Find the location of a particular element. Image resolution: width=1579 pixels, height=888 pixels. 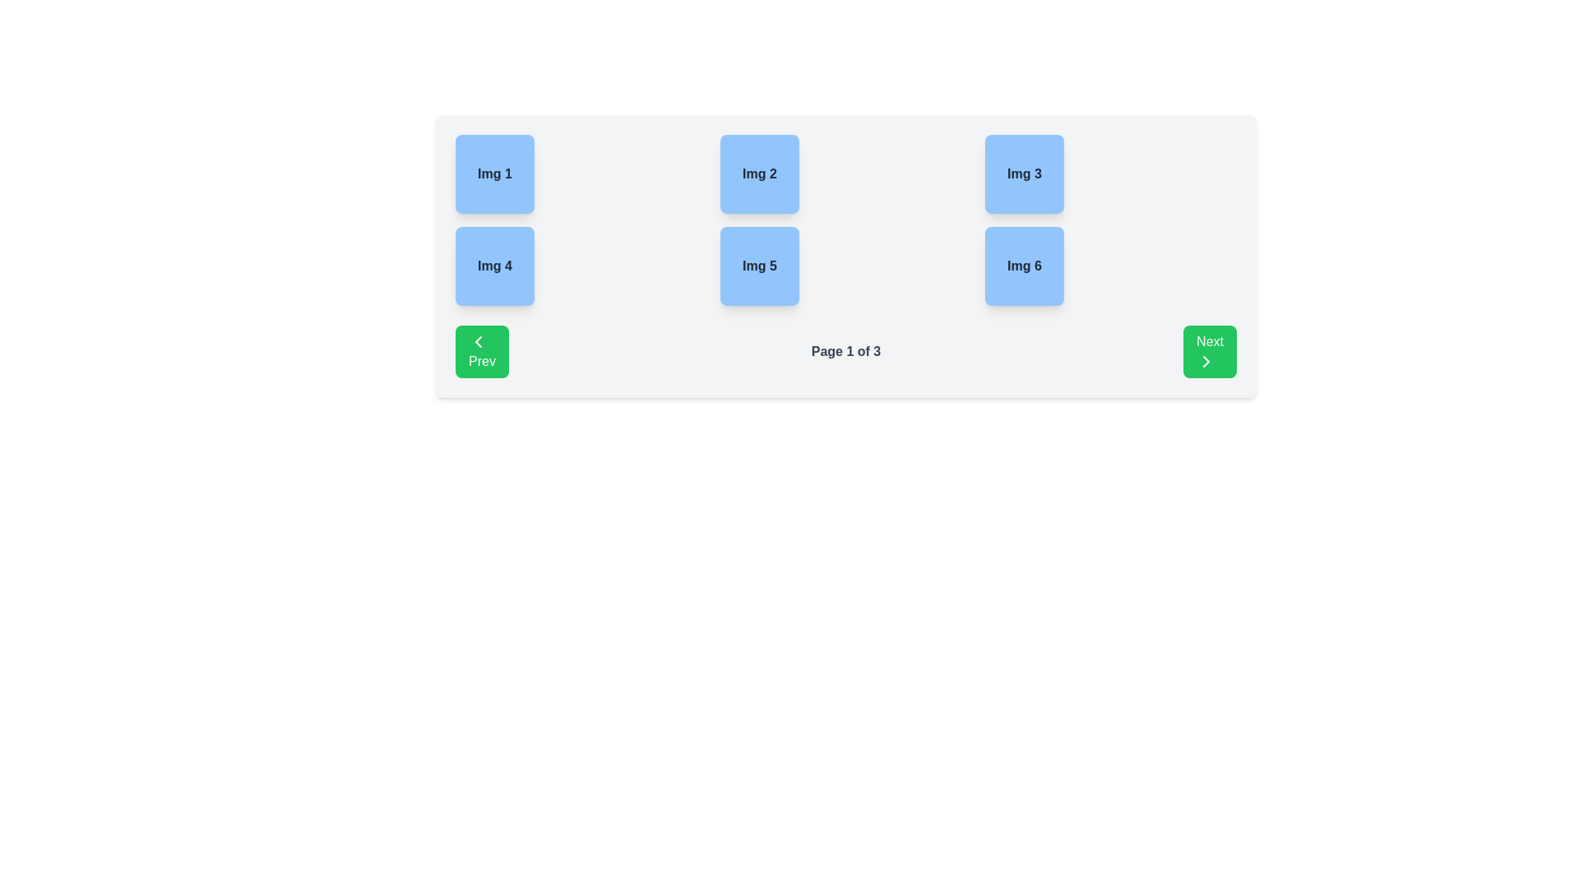

the text label that serves as an identifier for the image card located in the fourth column of the grid on the bottom row, which is contained within a blue square is located at coordinates (1024, 266).